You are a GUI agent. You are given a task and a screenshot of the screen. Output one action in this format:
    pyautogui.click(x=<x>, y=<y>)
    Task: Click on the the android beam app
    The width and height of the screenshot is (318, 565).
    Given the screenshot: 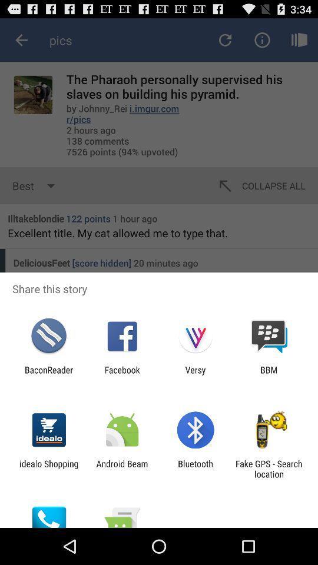 What is the action you would take?
    pyautogui.click(x=121, y=468)
    